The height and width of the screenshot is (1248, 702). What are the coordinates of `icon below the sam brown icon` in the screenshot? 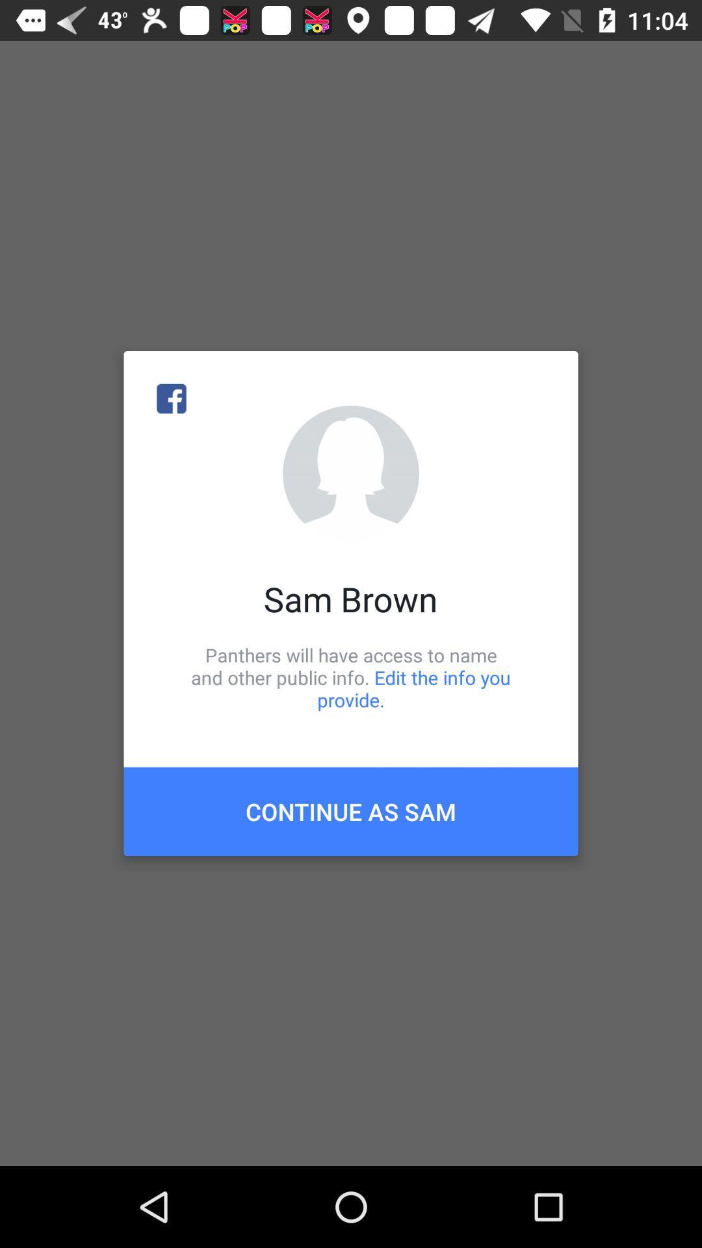 It's located at (351, 677).